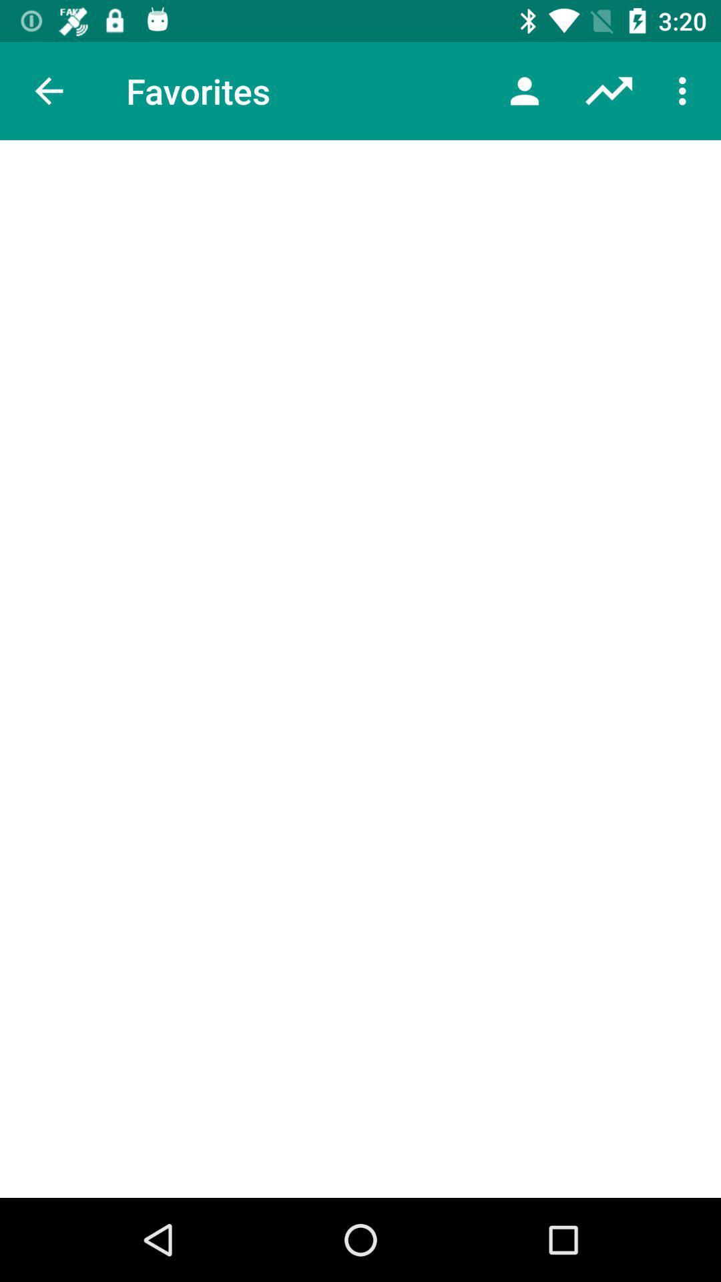 The image size is (721, 1282). Describe the element at coordinates (48, 90) in the screenshot. I see `the item next to the favorites icon` at that location.